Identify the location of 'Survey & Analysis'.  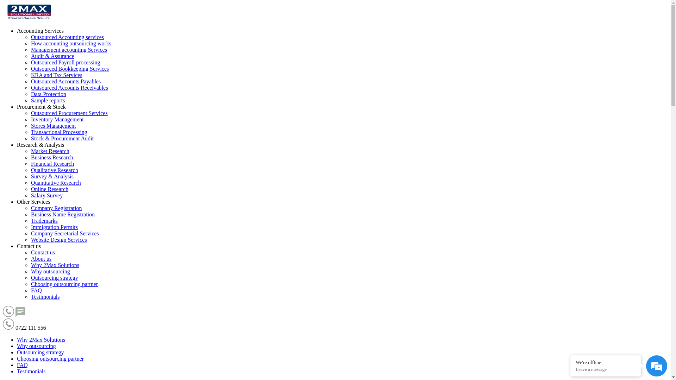
(52, 176).